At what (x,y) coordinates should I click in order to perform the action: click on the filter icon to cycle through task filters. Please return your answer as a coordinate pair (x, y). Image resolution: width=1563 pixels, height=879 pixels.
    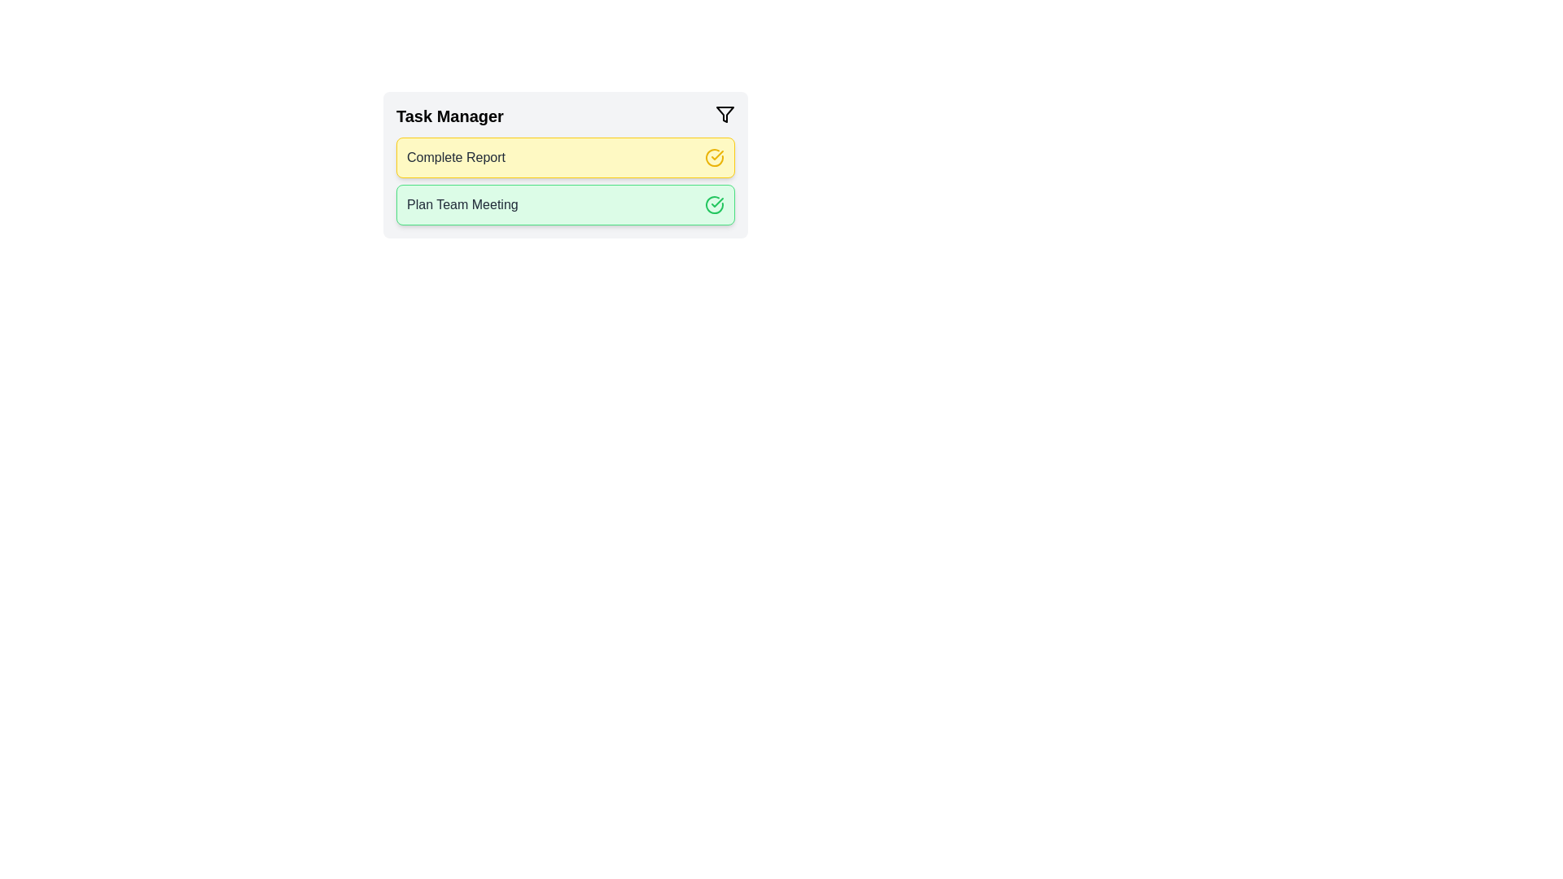
    Looking at the image, I should click on (725, 114).